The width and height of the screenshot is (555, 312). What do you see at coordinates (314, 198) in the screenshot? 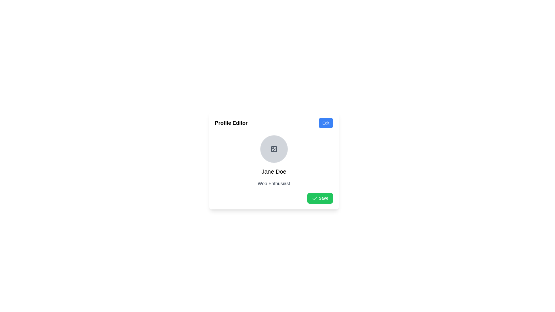
I see `the checkmark icon within the green 'Save' button located at the bottom-right corner of the profile editor card` at bounding box center [314, 198].